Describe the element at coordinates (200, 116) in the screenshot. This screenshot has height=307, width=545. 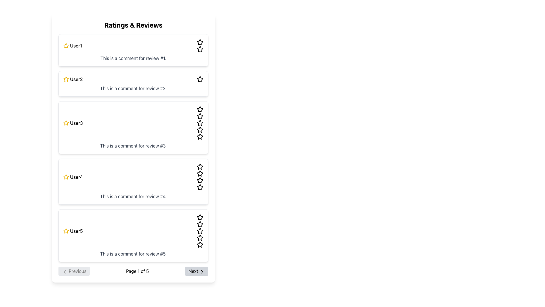
I see `the third star rating icon outlined in black, located in the rightmost column of stars for the 'User3' comment box` at that location.